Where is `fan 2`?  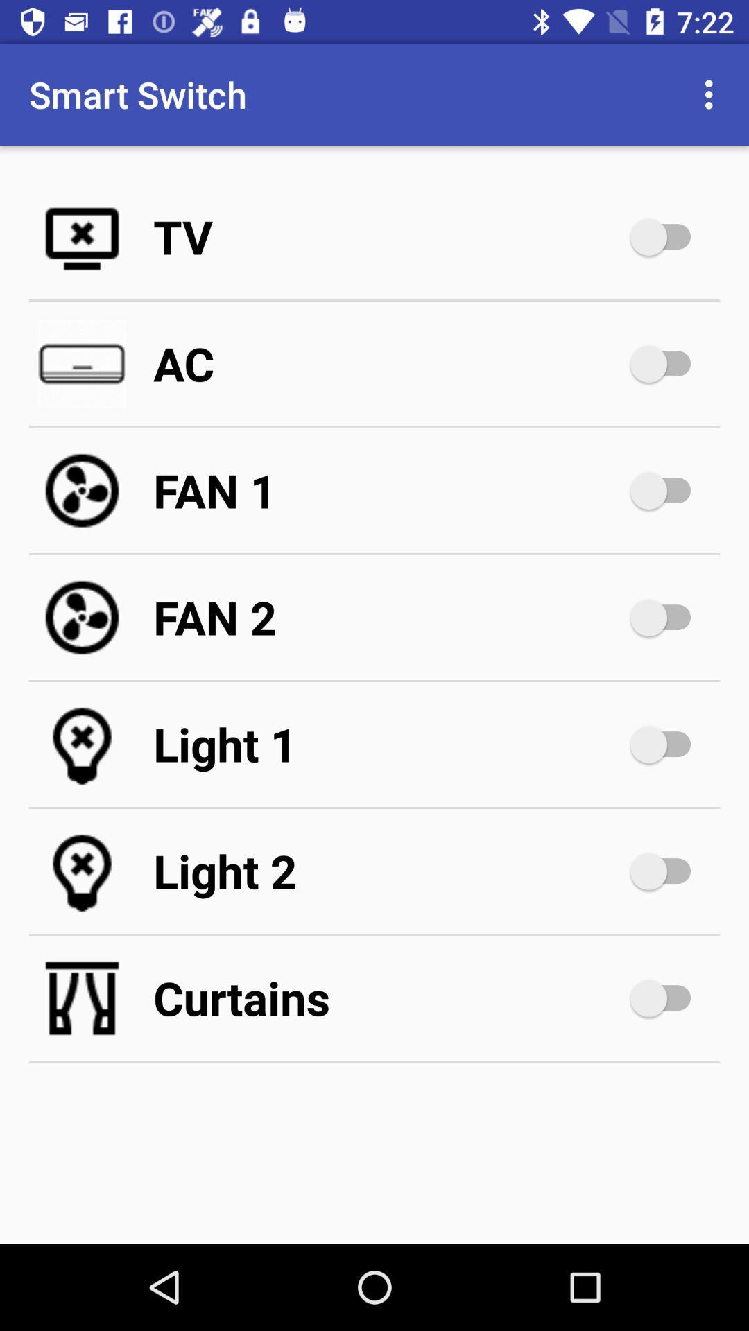
fan 2 is located at coordinates (388, 617).